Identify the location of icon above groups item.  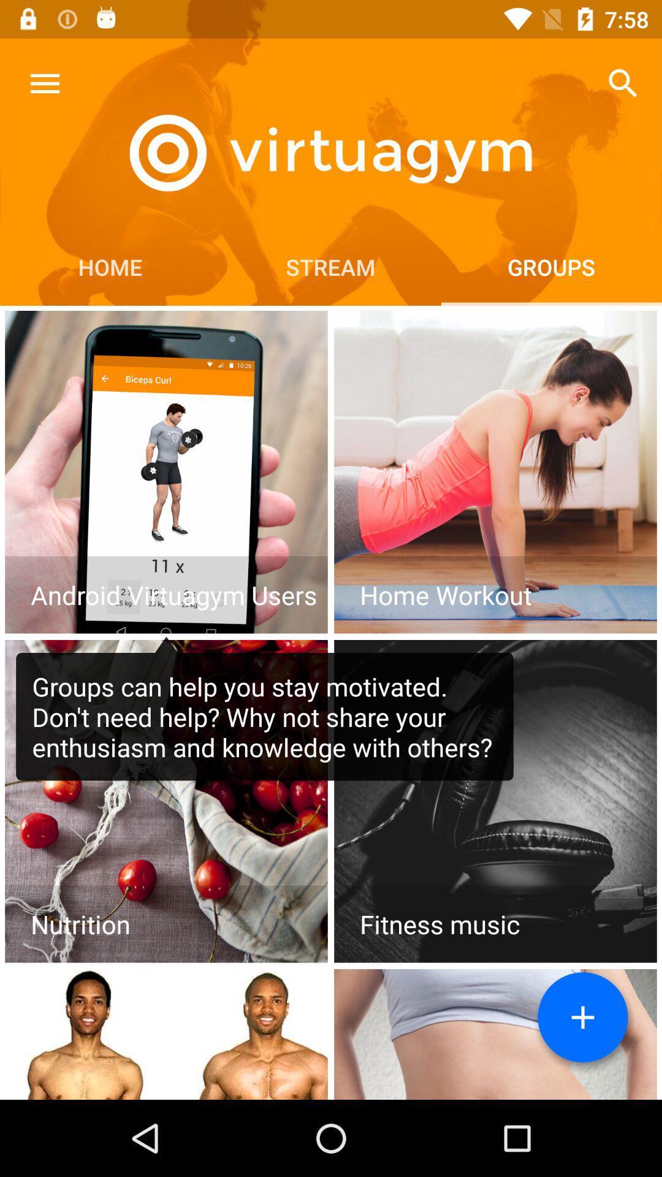
(623, 83).